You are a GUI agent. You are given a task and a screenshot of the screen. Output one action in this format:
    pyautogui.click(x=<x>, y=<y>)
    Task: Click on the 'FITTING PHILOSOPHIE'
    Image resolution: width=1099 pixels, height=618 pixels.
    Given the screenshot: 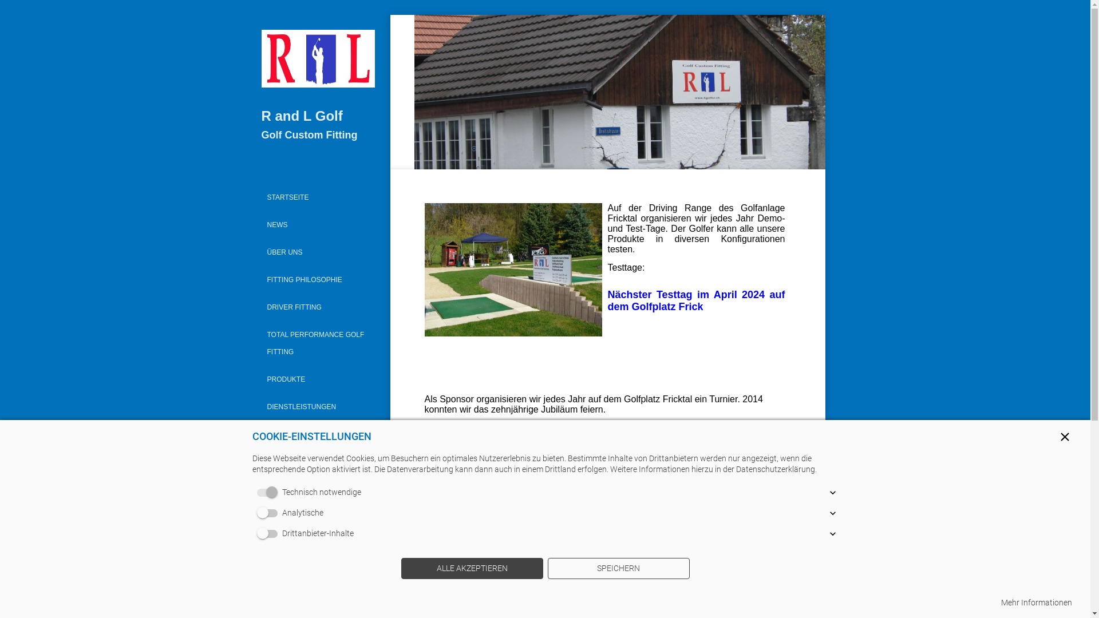 What is the action you would take?
    pyautogui.click(x=318, y=280)
    